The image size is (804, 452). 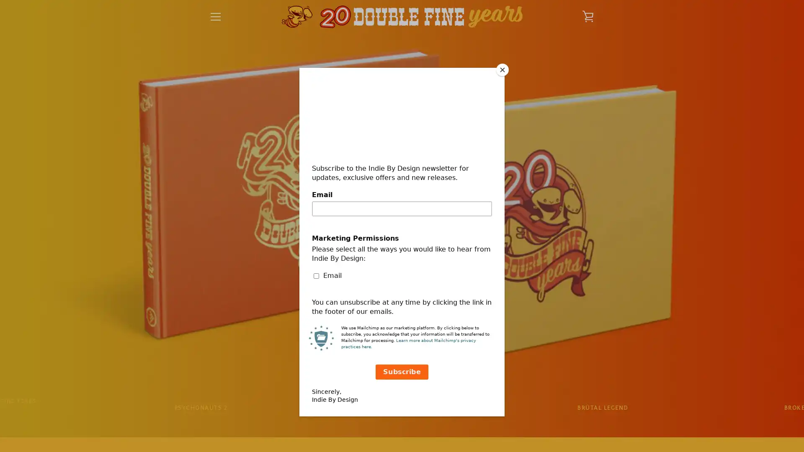 I want to click on Dismiss, so click(x=495, y=152).